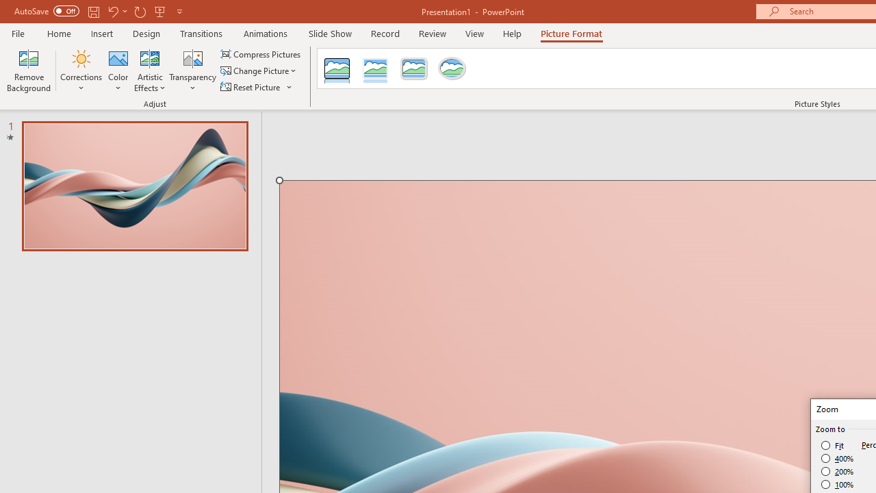 The width and height of the screenshot is (876, 493). What do you see at coordinates (259, 71) in the screenshot?
I see `'Change Picture'` at bounding box center [259, 71].